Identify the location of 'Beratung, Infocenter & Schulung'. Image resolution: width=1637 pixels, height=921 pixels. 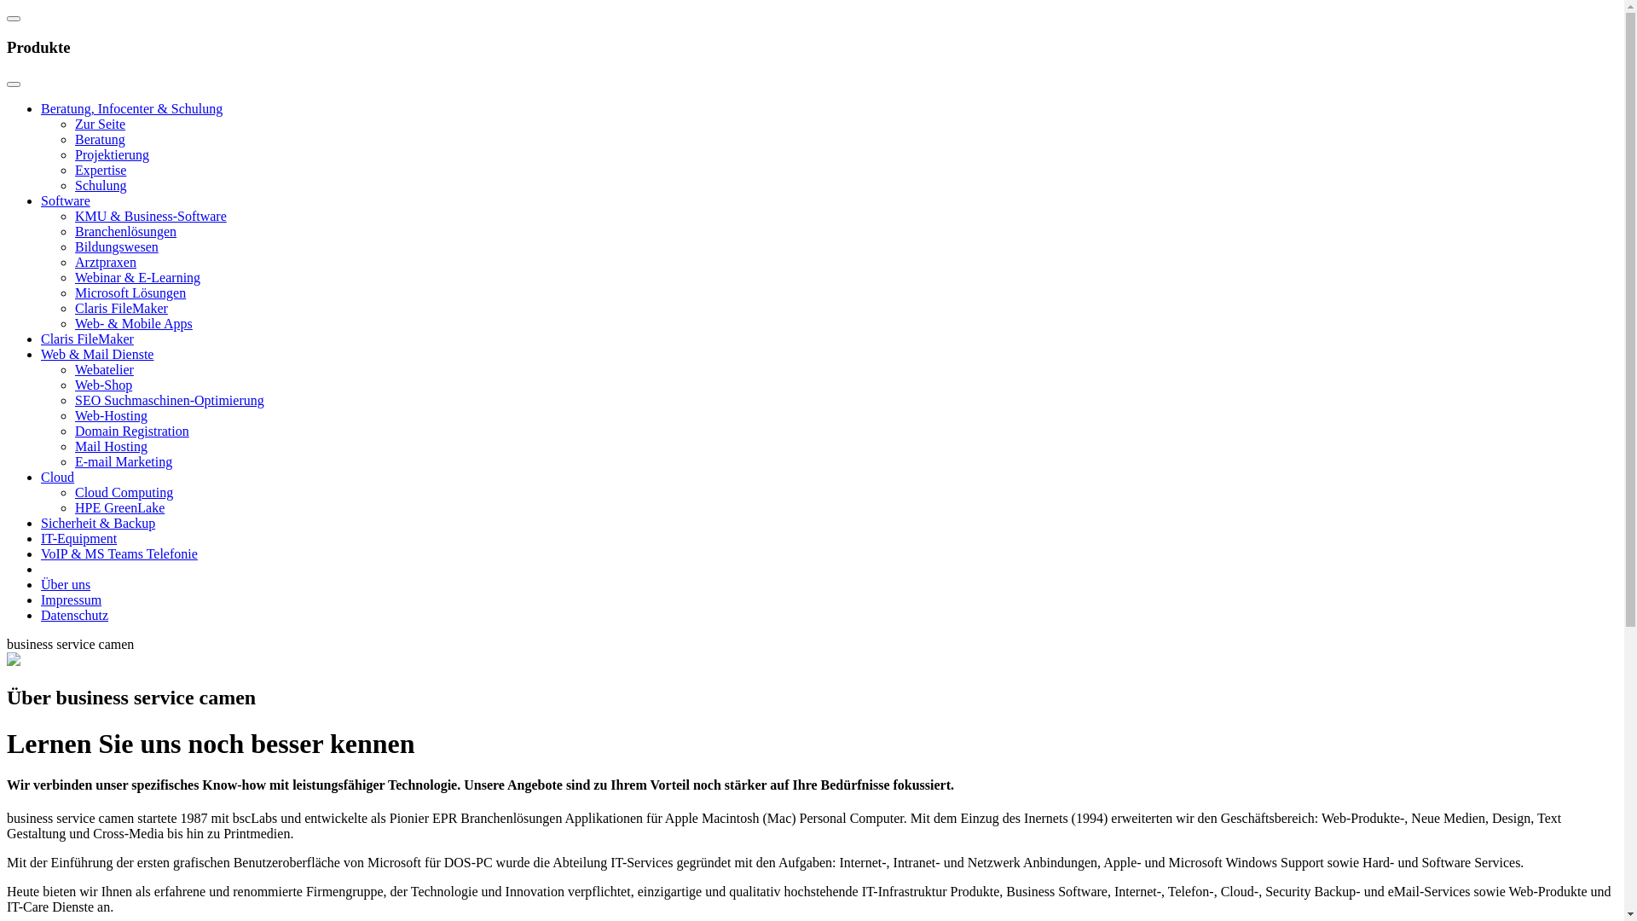
(130, 108).